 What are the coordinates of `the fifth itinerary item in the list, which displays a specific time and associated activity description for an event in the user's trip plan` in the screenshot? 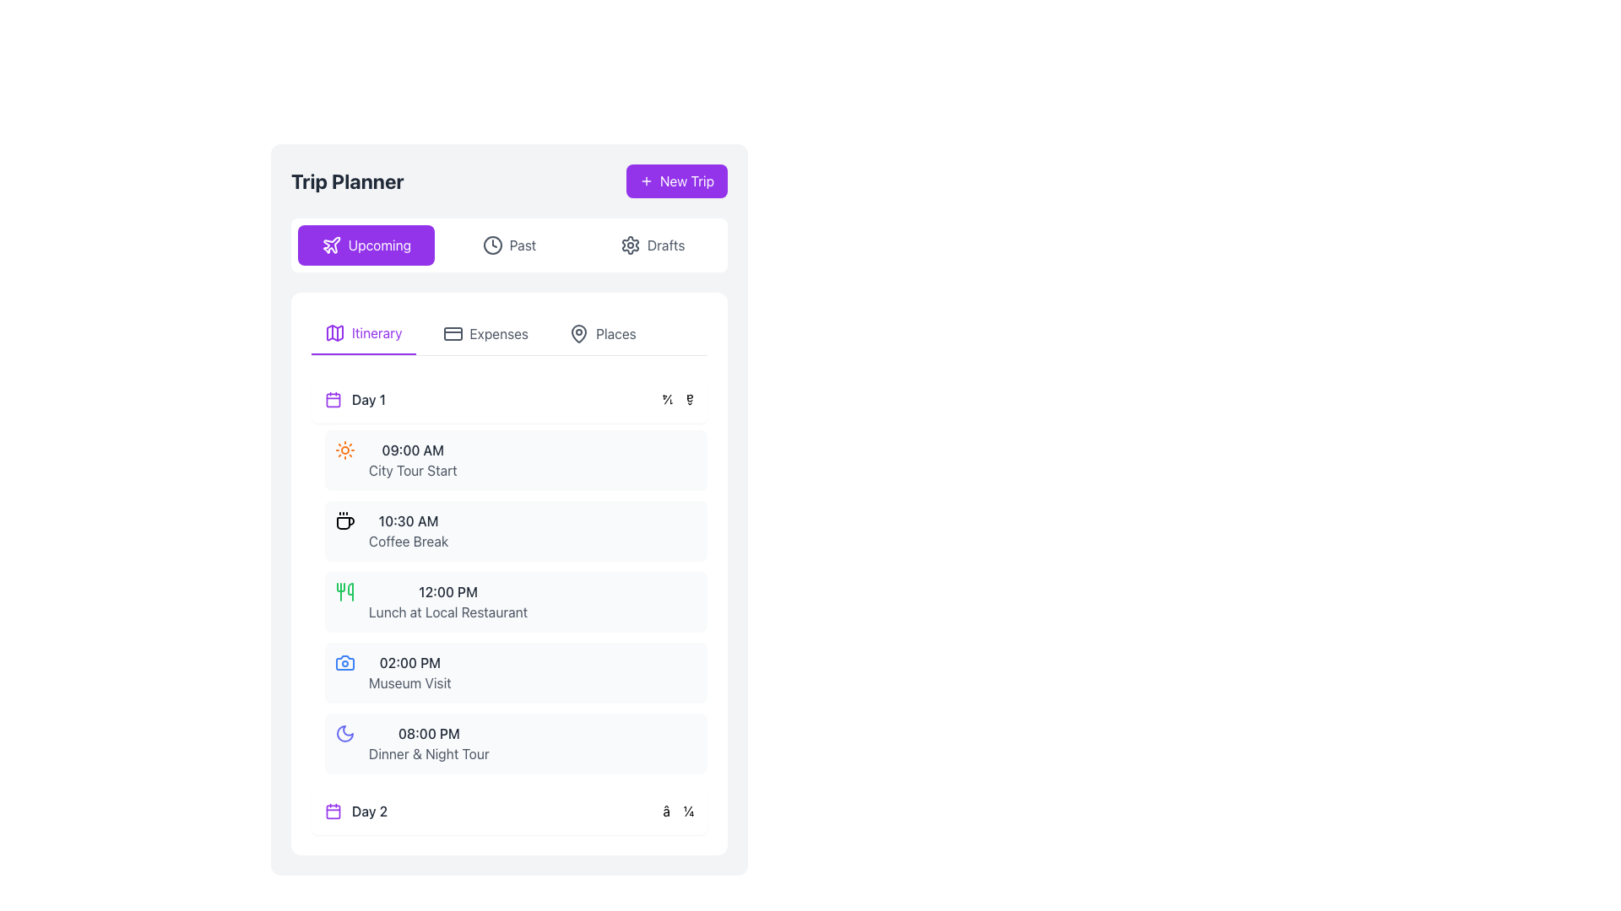 It's located at (515, 743).